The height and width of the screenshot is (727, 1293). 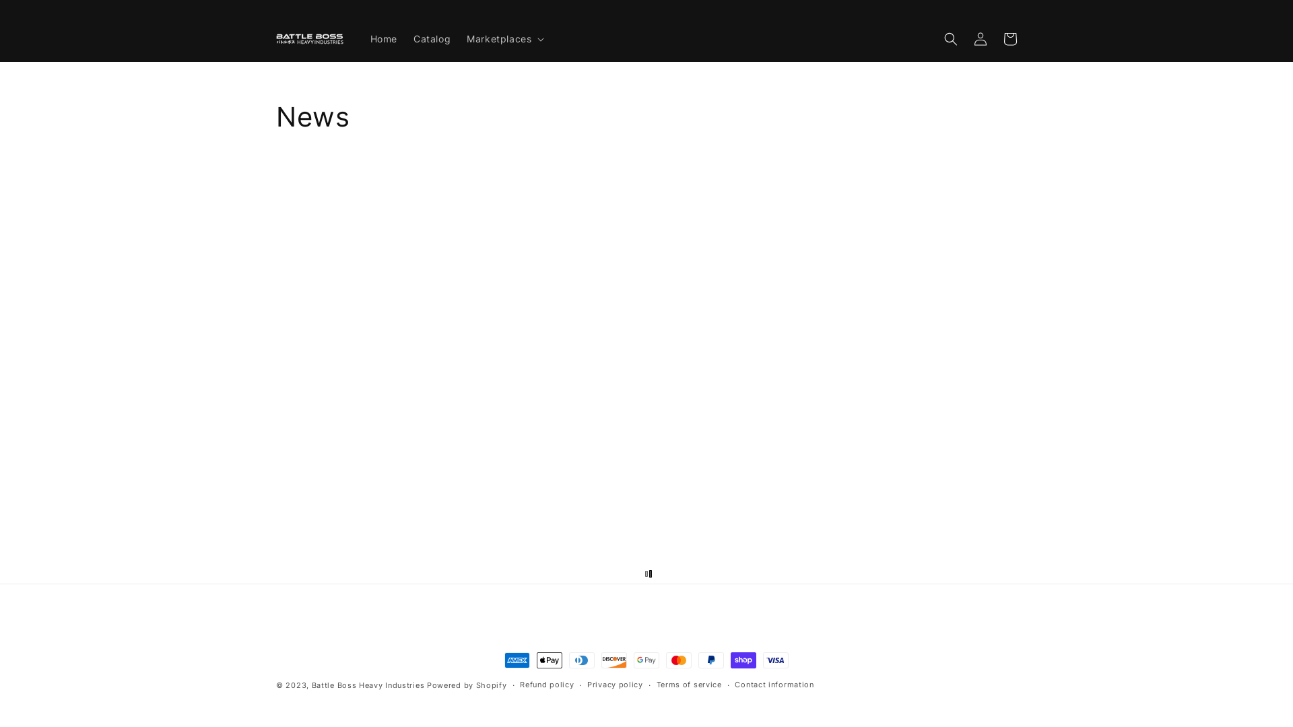 I want to click on 'Privacy policy', so click(x=614, y=685).